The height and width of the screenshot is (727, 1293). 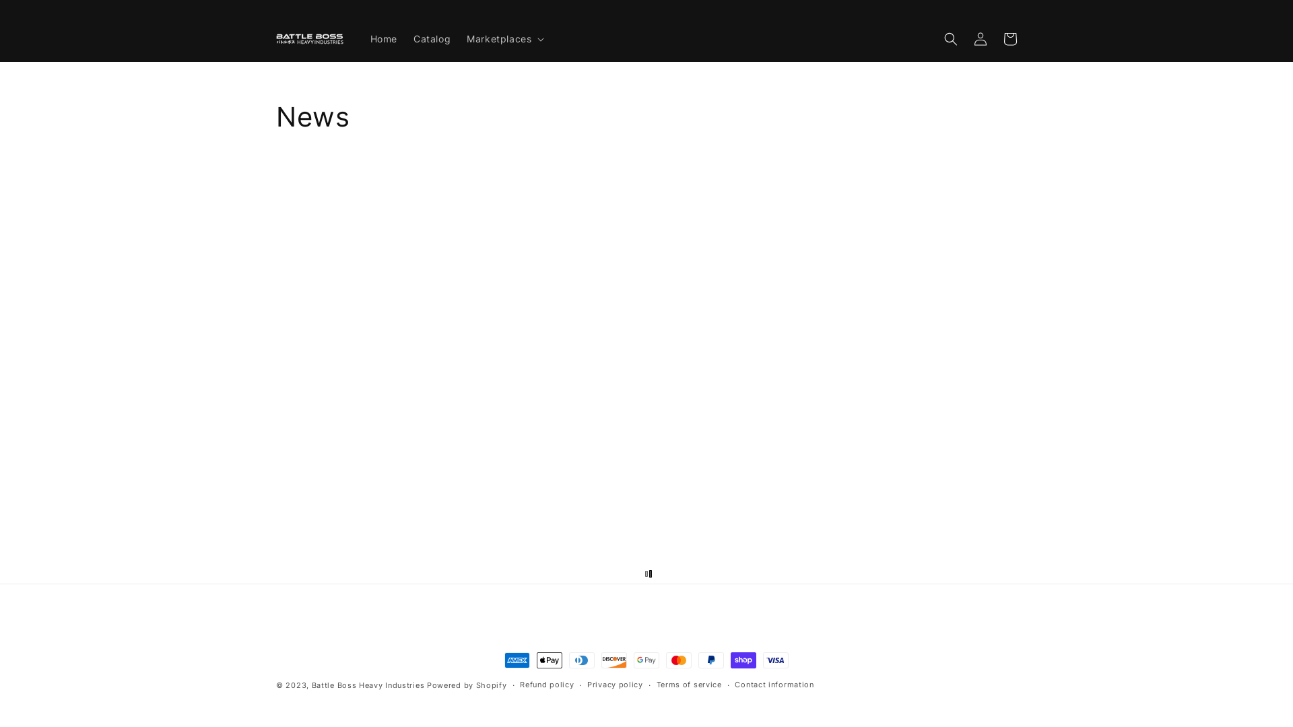 I want to click on 'Privacy policy', so click(x=614, y=685).